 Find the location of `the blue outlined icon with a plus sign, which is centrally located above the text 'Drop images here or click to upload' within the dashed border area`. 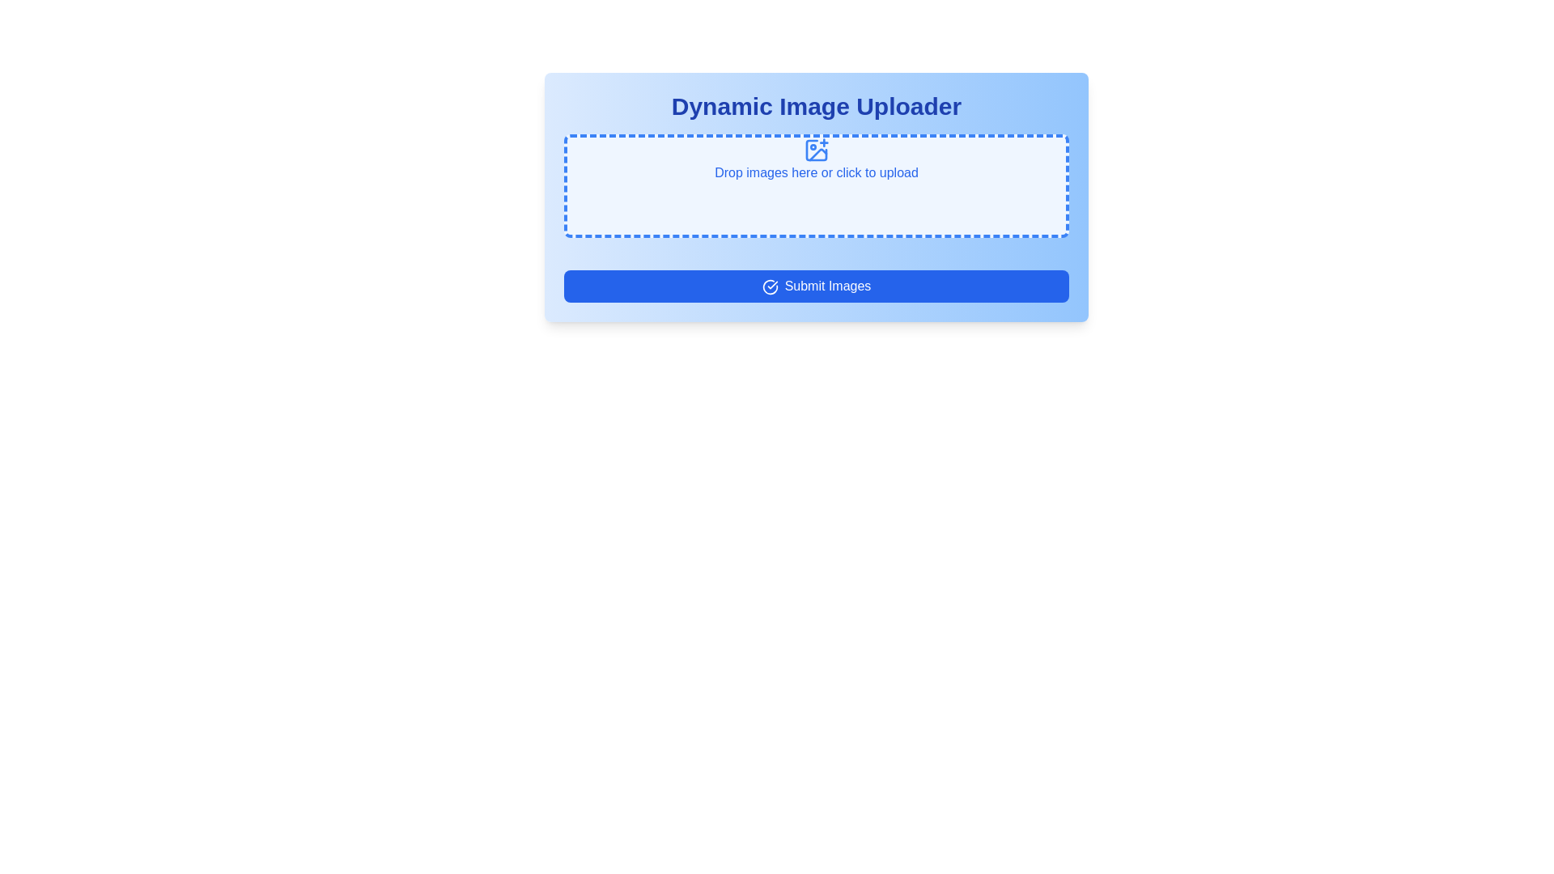

the blue outlined icon with a plus sign, which is centrally located above the text 'Drop images here or click to upload' within the dashed border area is located at coordinates (816, 150).